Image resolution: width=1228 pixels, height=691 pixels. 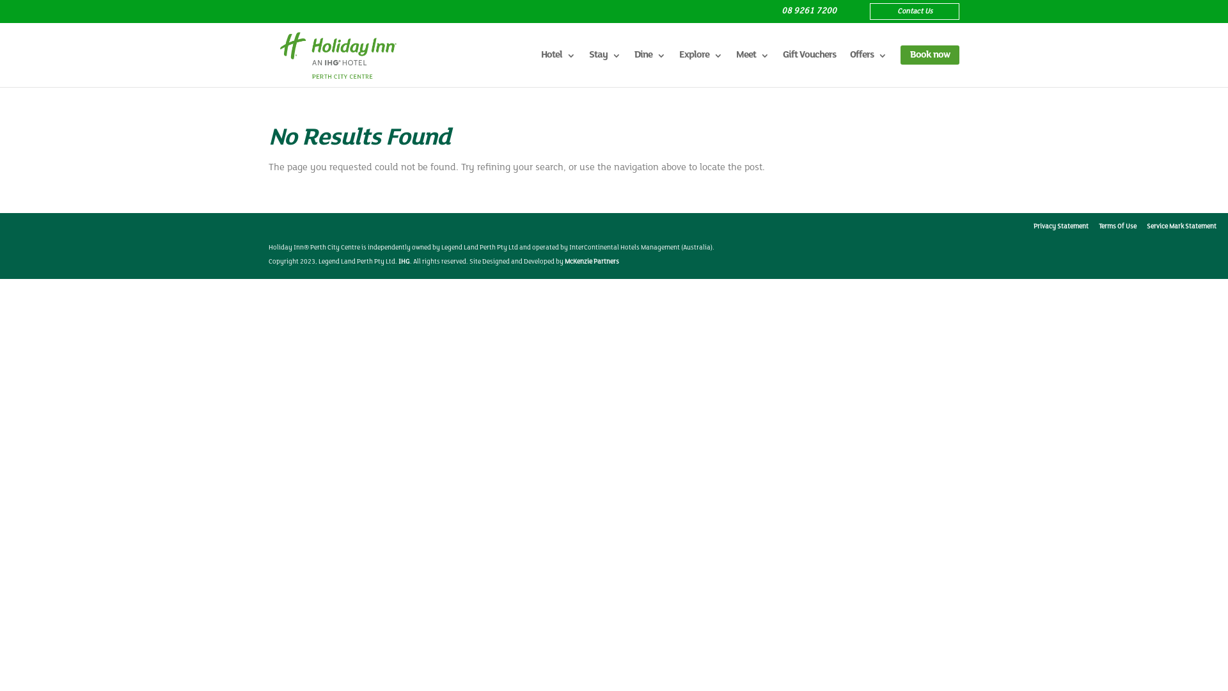 What do you see at coordinates (1061, 226) in the screenshot?
I see `'Privacy Statement'` at bounding box center [1061, 226].